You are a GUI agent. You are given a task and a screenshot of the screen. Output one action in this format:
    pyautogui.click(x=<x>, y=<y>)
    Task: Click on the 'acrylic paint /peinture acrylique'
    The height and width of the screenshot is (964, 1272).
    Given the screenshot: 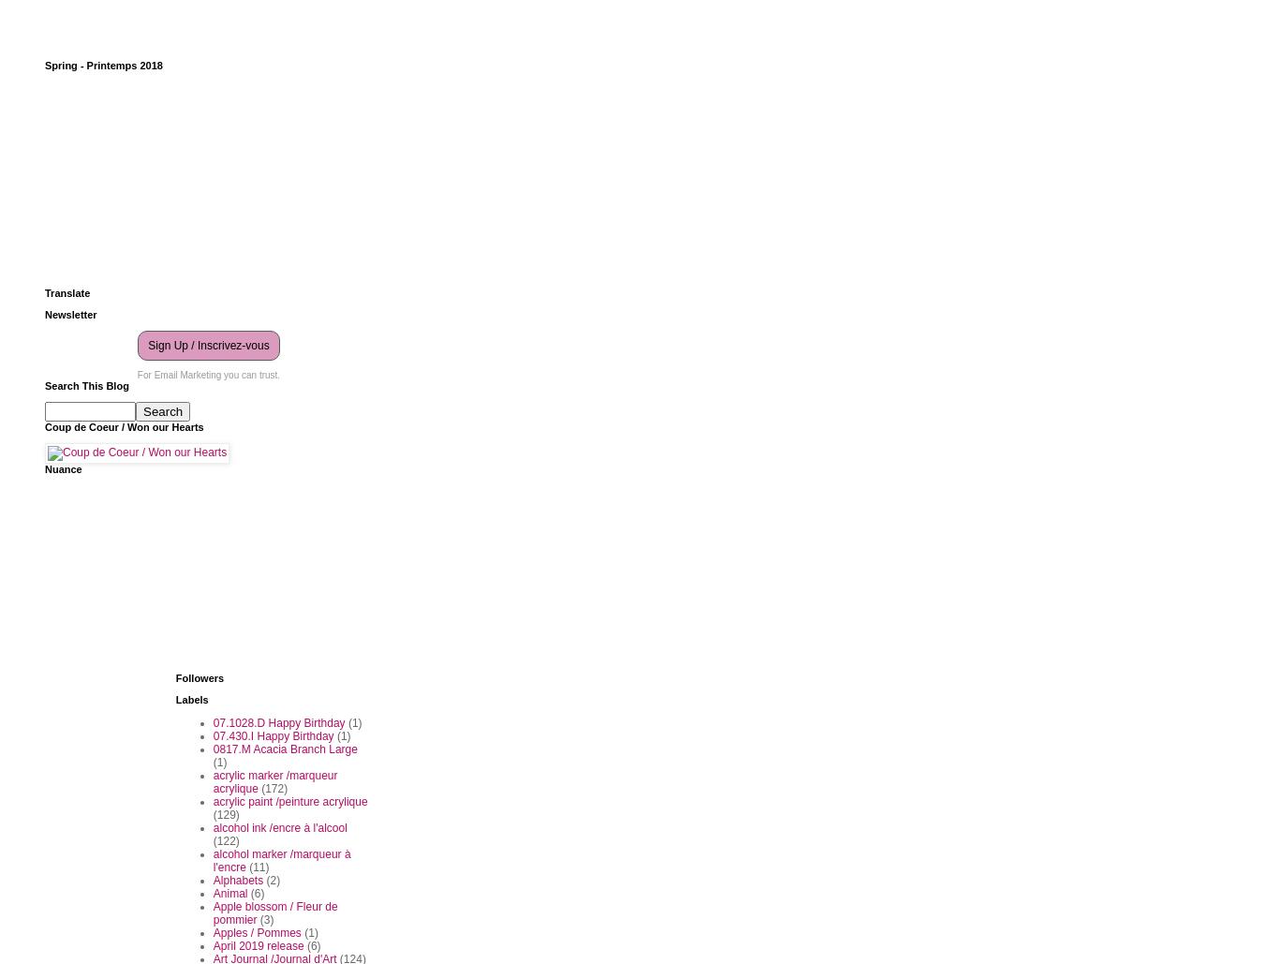 What is the action you would take?
    pyautogui.click(x=288, y=799)
    